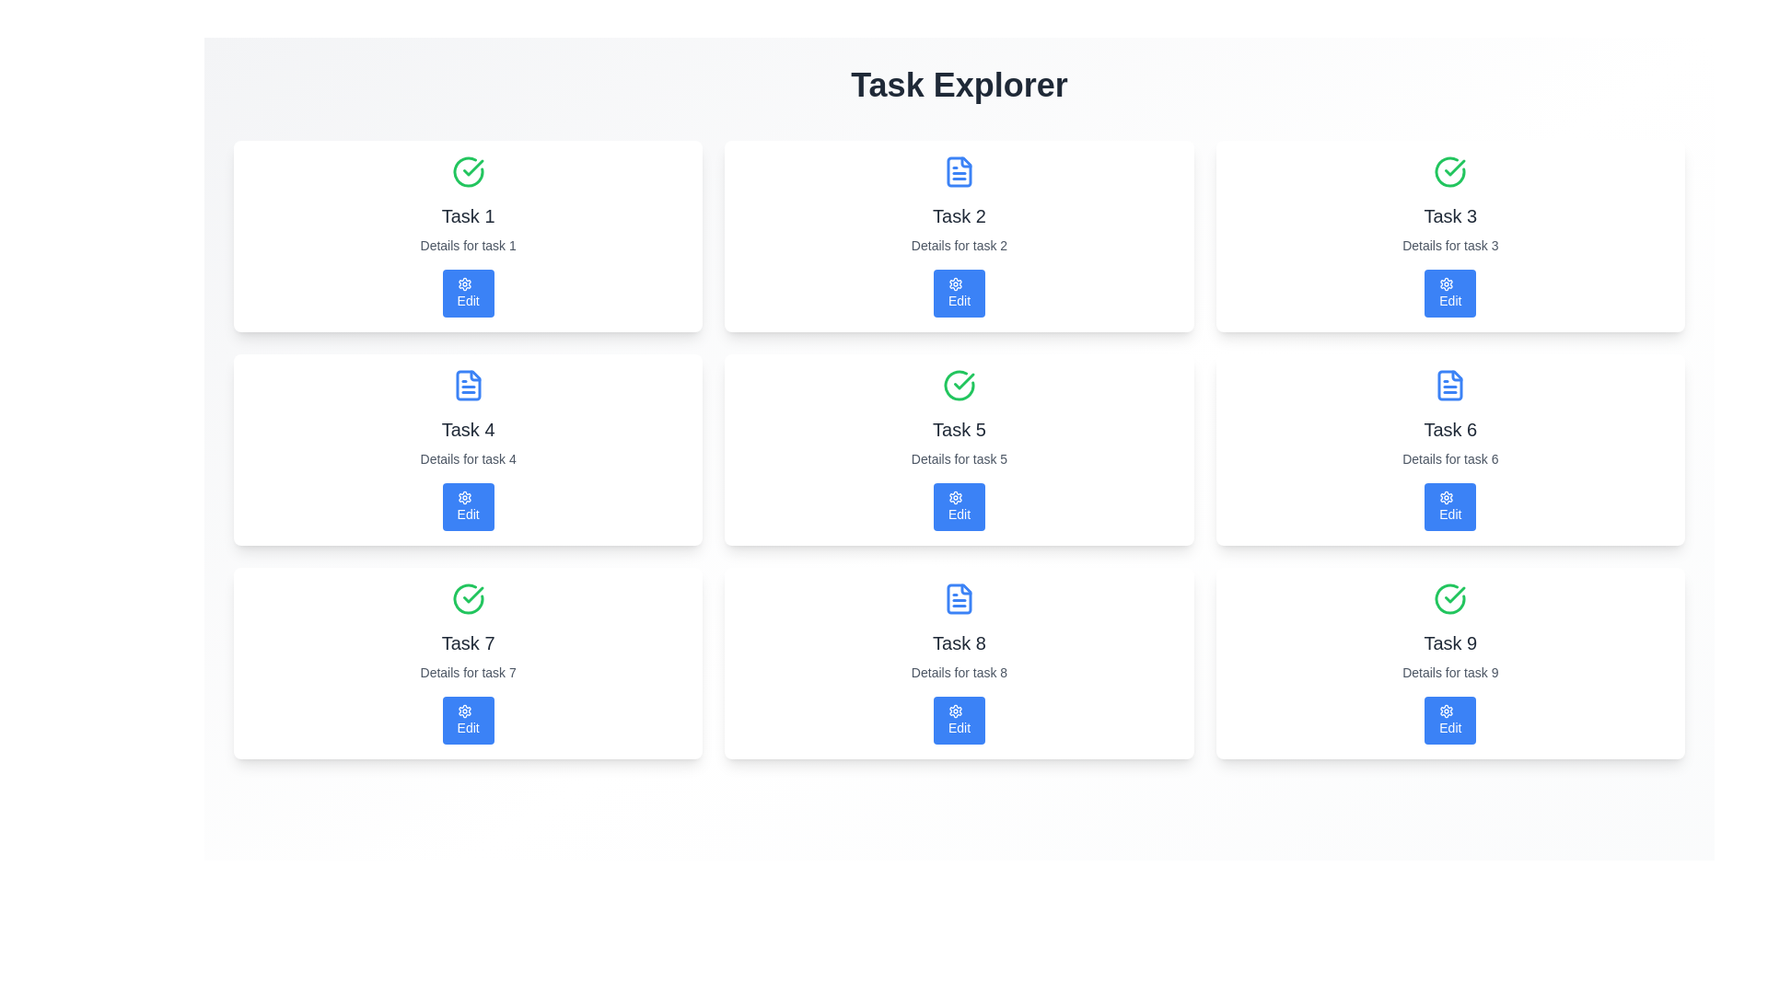 This screenshot has height=994, width=1768. What do you see at coordinates (1449, 293) in the screenshot?
I see `the blue rounded button labeled 'Edit' with a gear icon located at the bottom part of the card for 'Task 3'` at bounding box center [1449, 293].